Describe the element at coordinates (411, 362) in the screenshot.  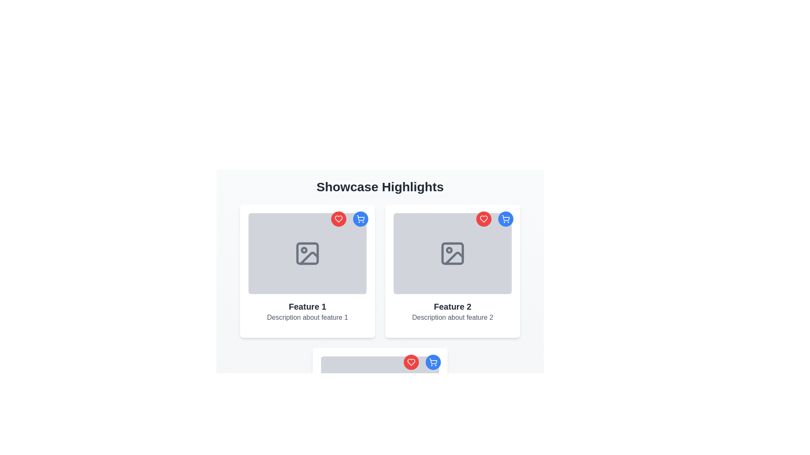
I see `the favorite button located` at that location.